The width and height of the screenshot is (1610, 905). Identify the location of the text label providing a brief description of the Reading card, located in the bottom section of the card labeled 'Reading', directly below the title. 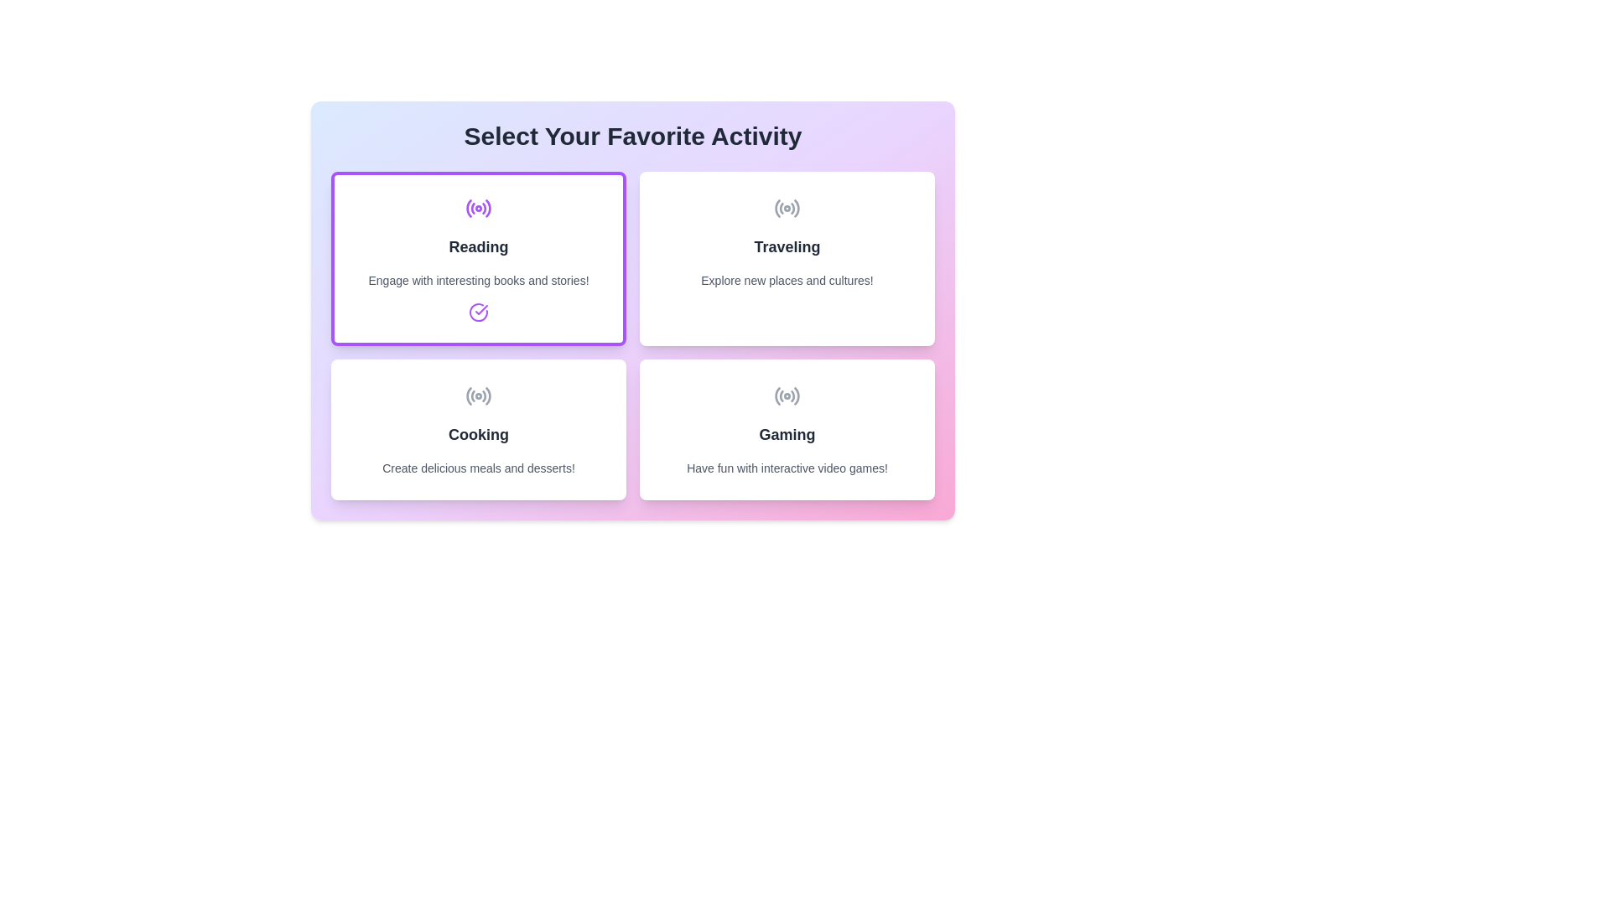
(478, 280).